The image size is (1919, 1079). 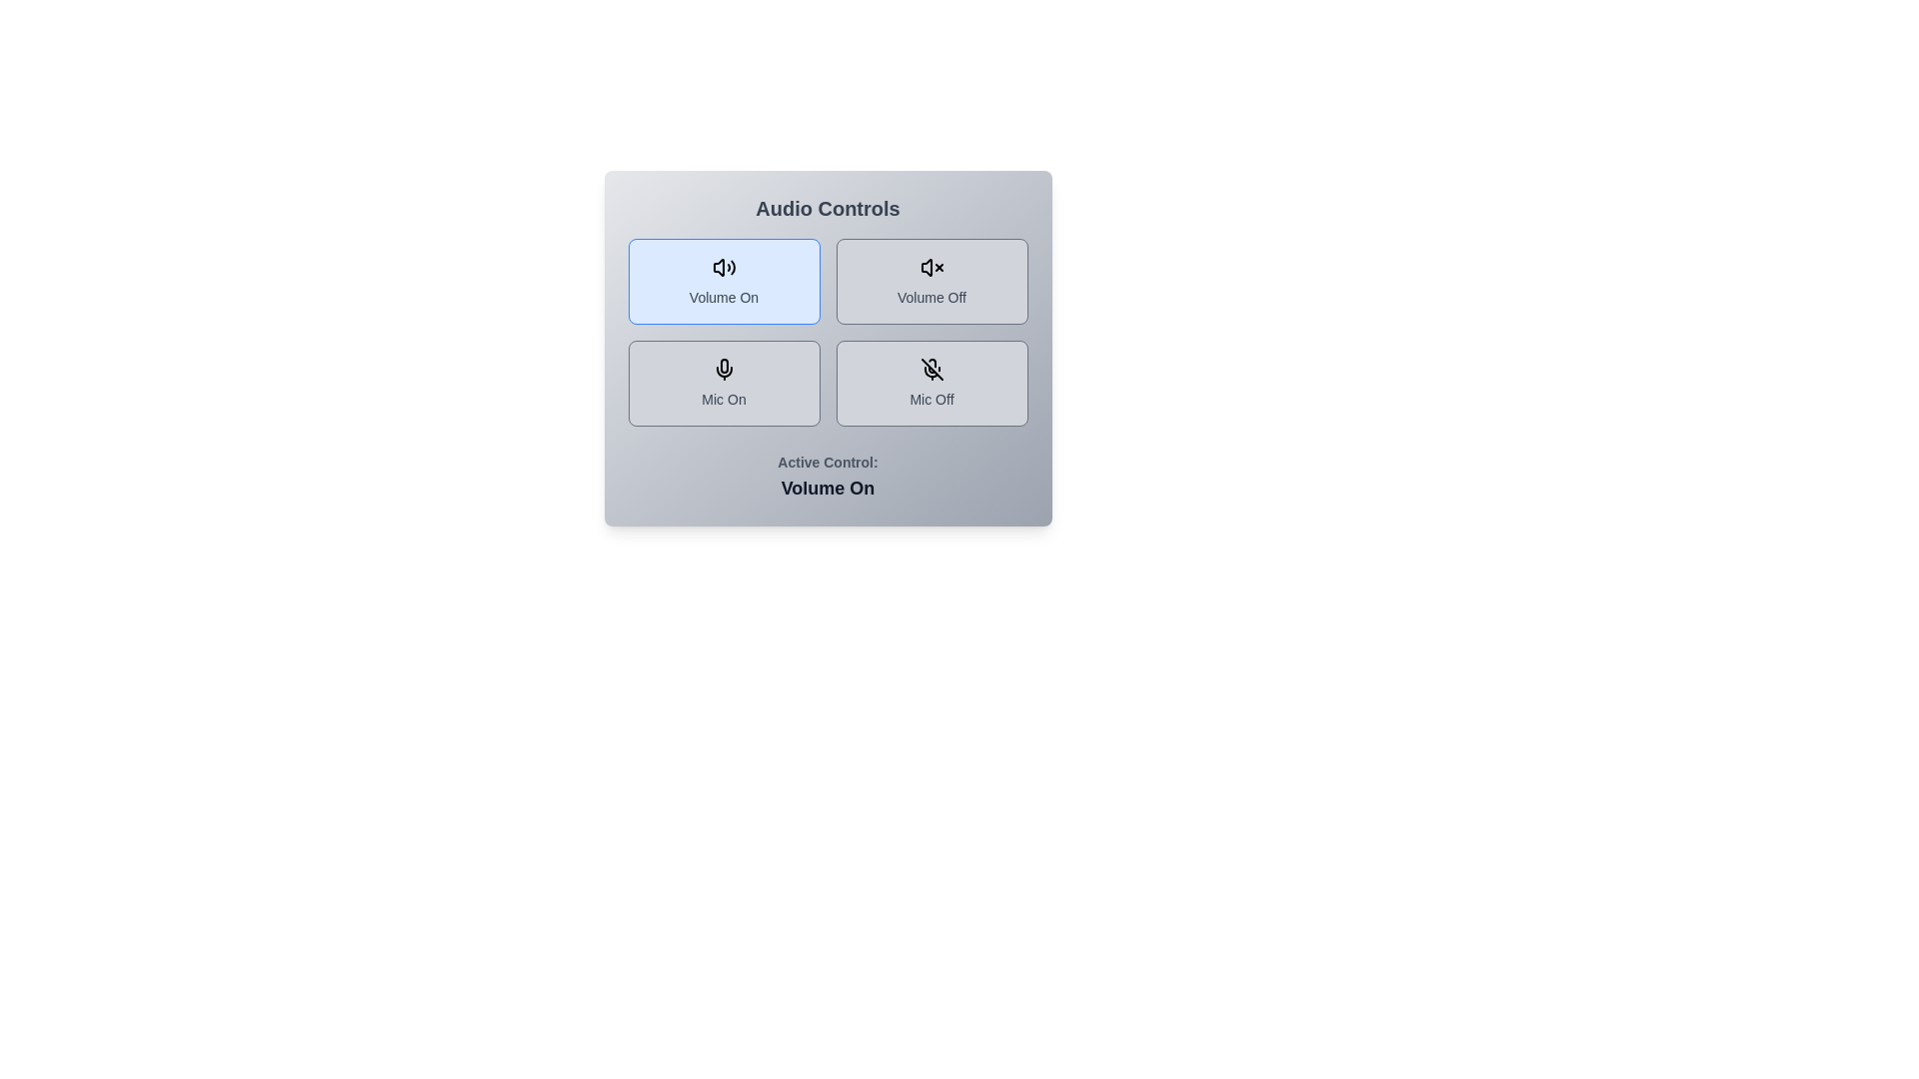 I want to click on the control option Mic Off by clicking its corresponding button, so click(x=931, y=384).